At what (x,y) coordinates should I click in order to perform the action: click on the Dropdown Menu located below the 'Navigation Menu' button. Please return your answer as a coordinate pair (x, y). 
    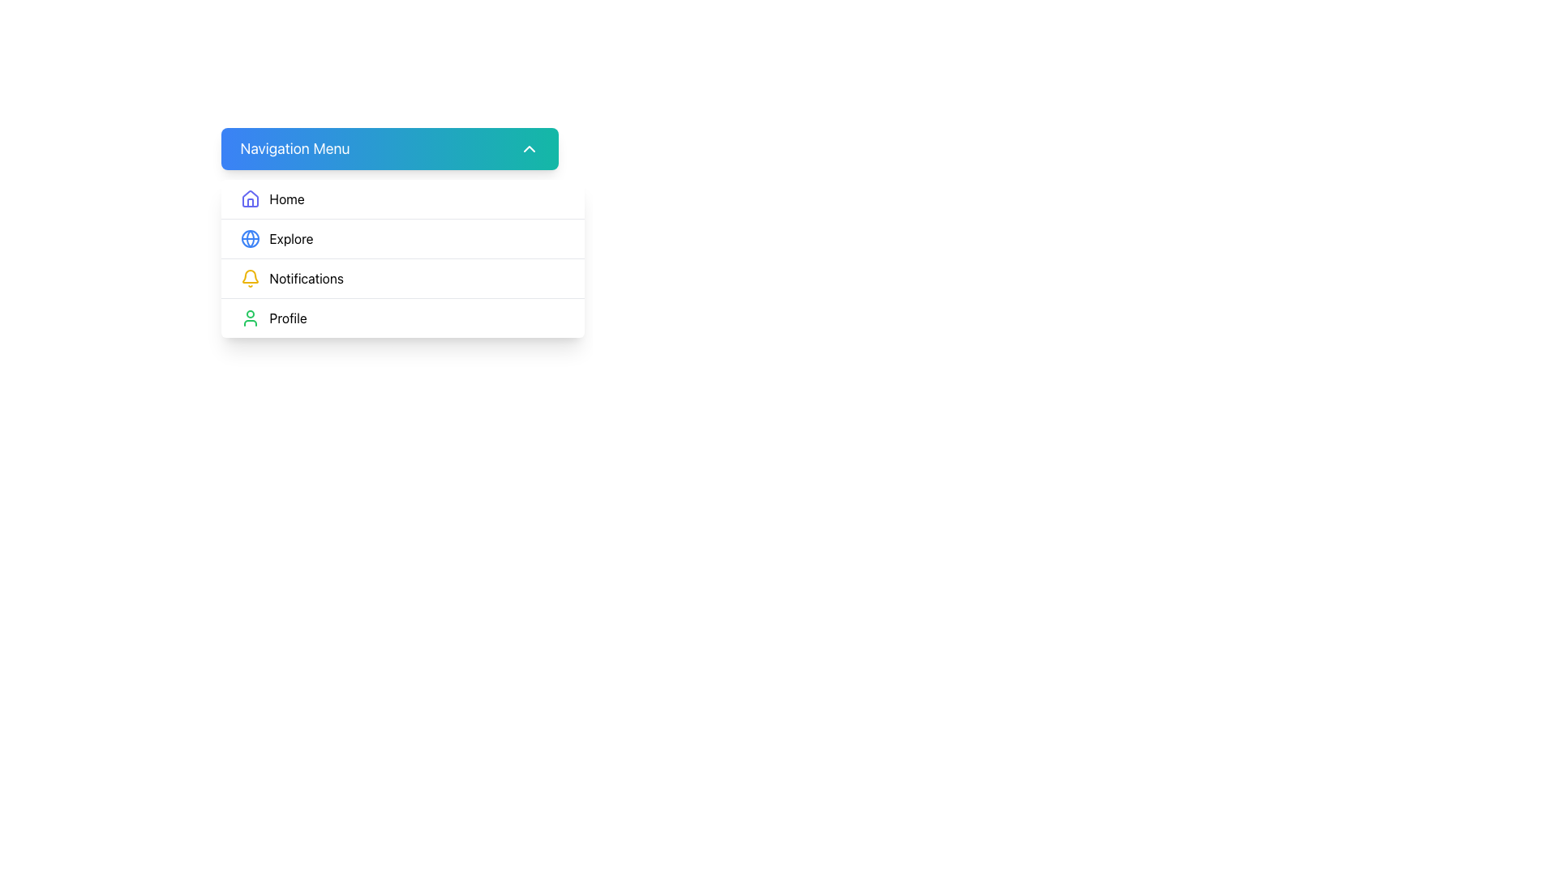
    Looking at the image, I should click on (402, 258).